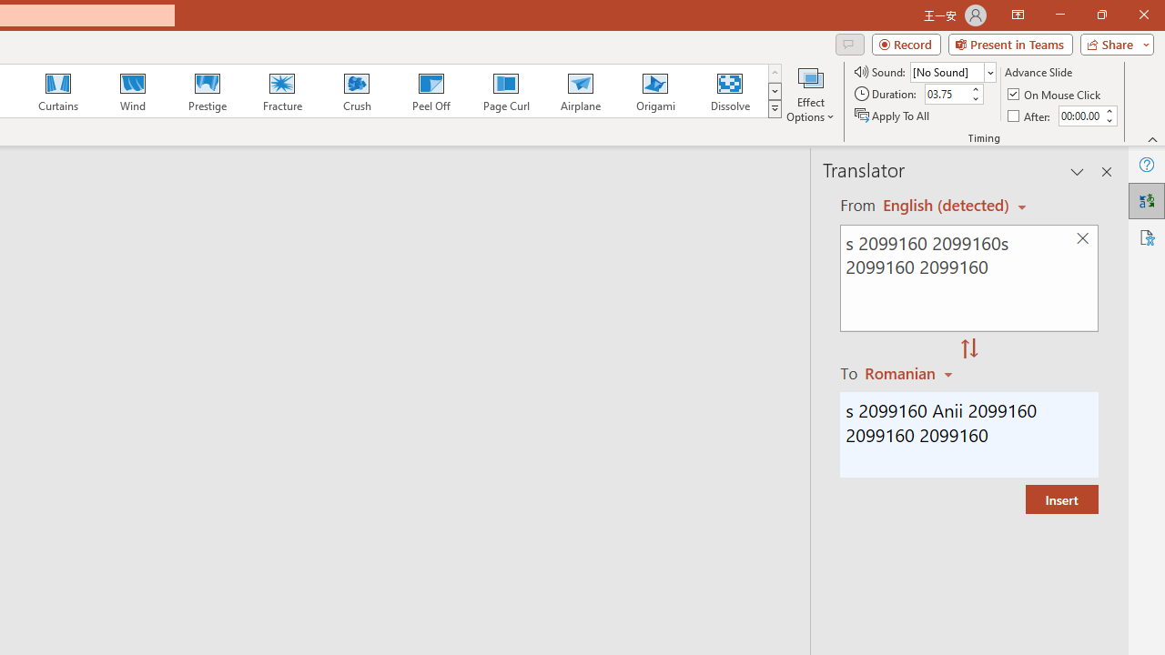  What do you see at coordinates (775, 109) in the screenshot?
I see `'Transition Effects'` at bounding box center [775, 109].